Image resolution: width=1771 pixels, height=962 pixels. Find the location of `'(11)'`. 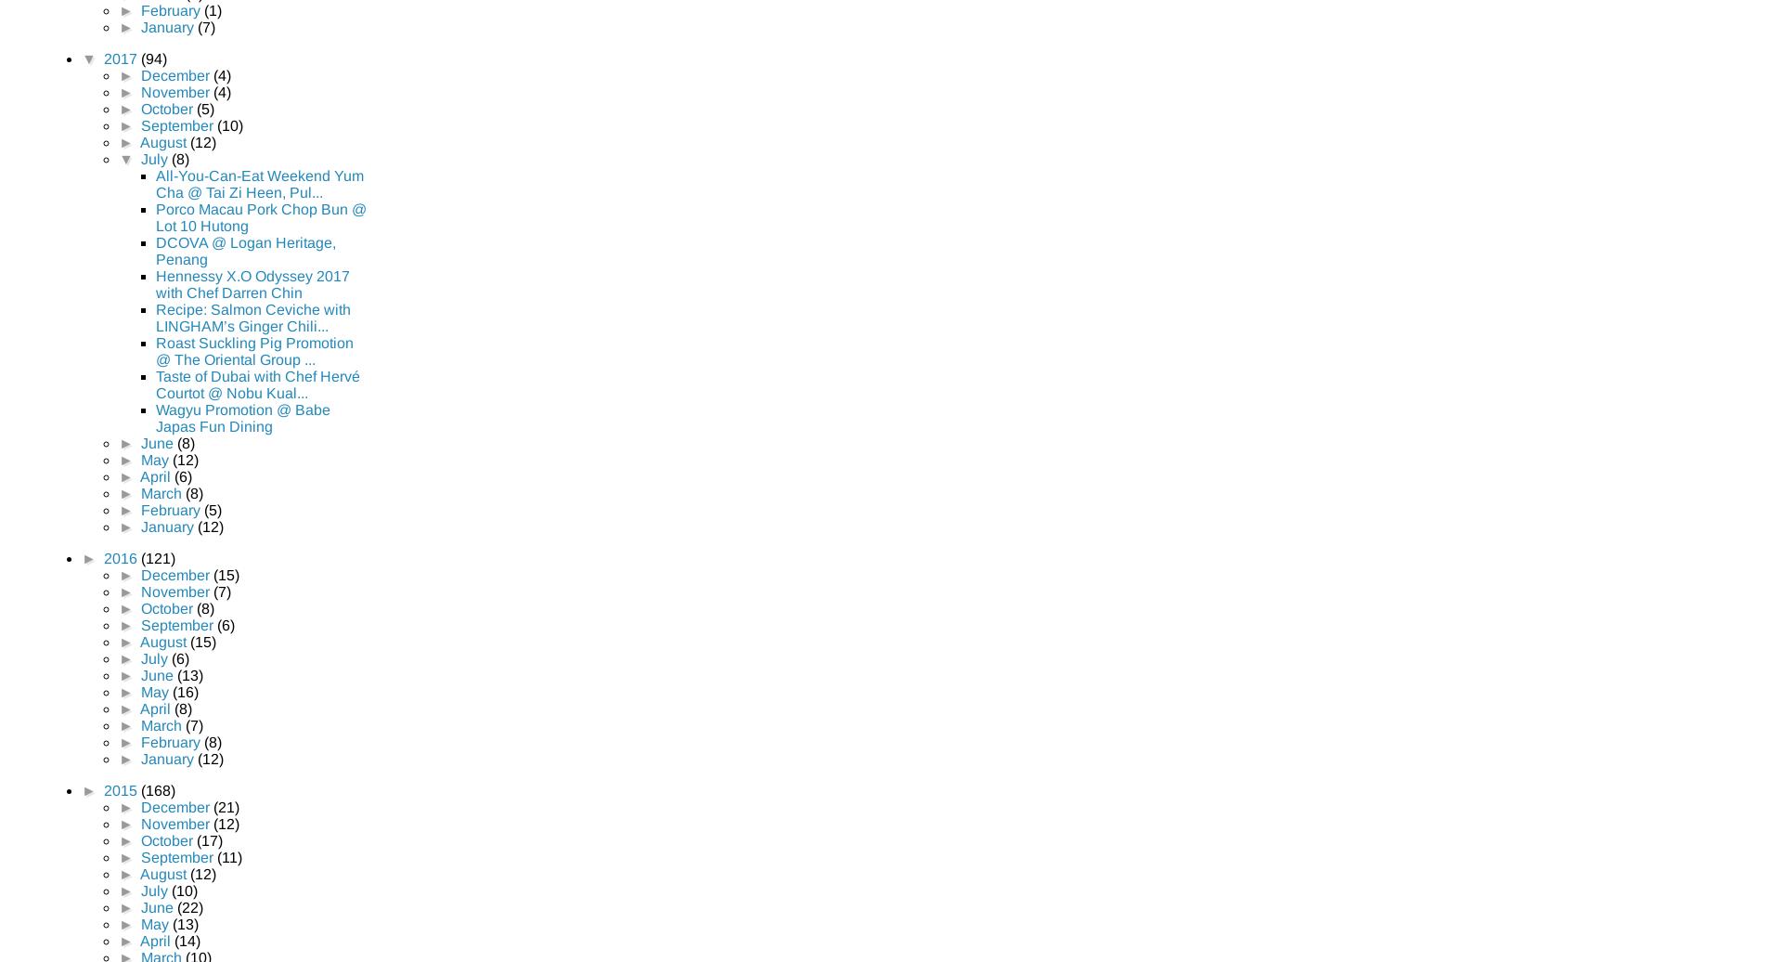

'(11)' is located at coordinates (228, 856).